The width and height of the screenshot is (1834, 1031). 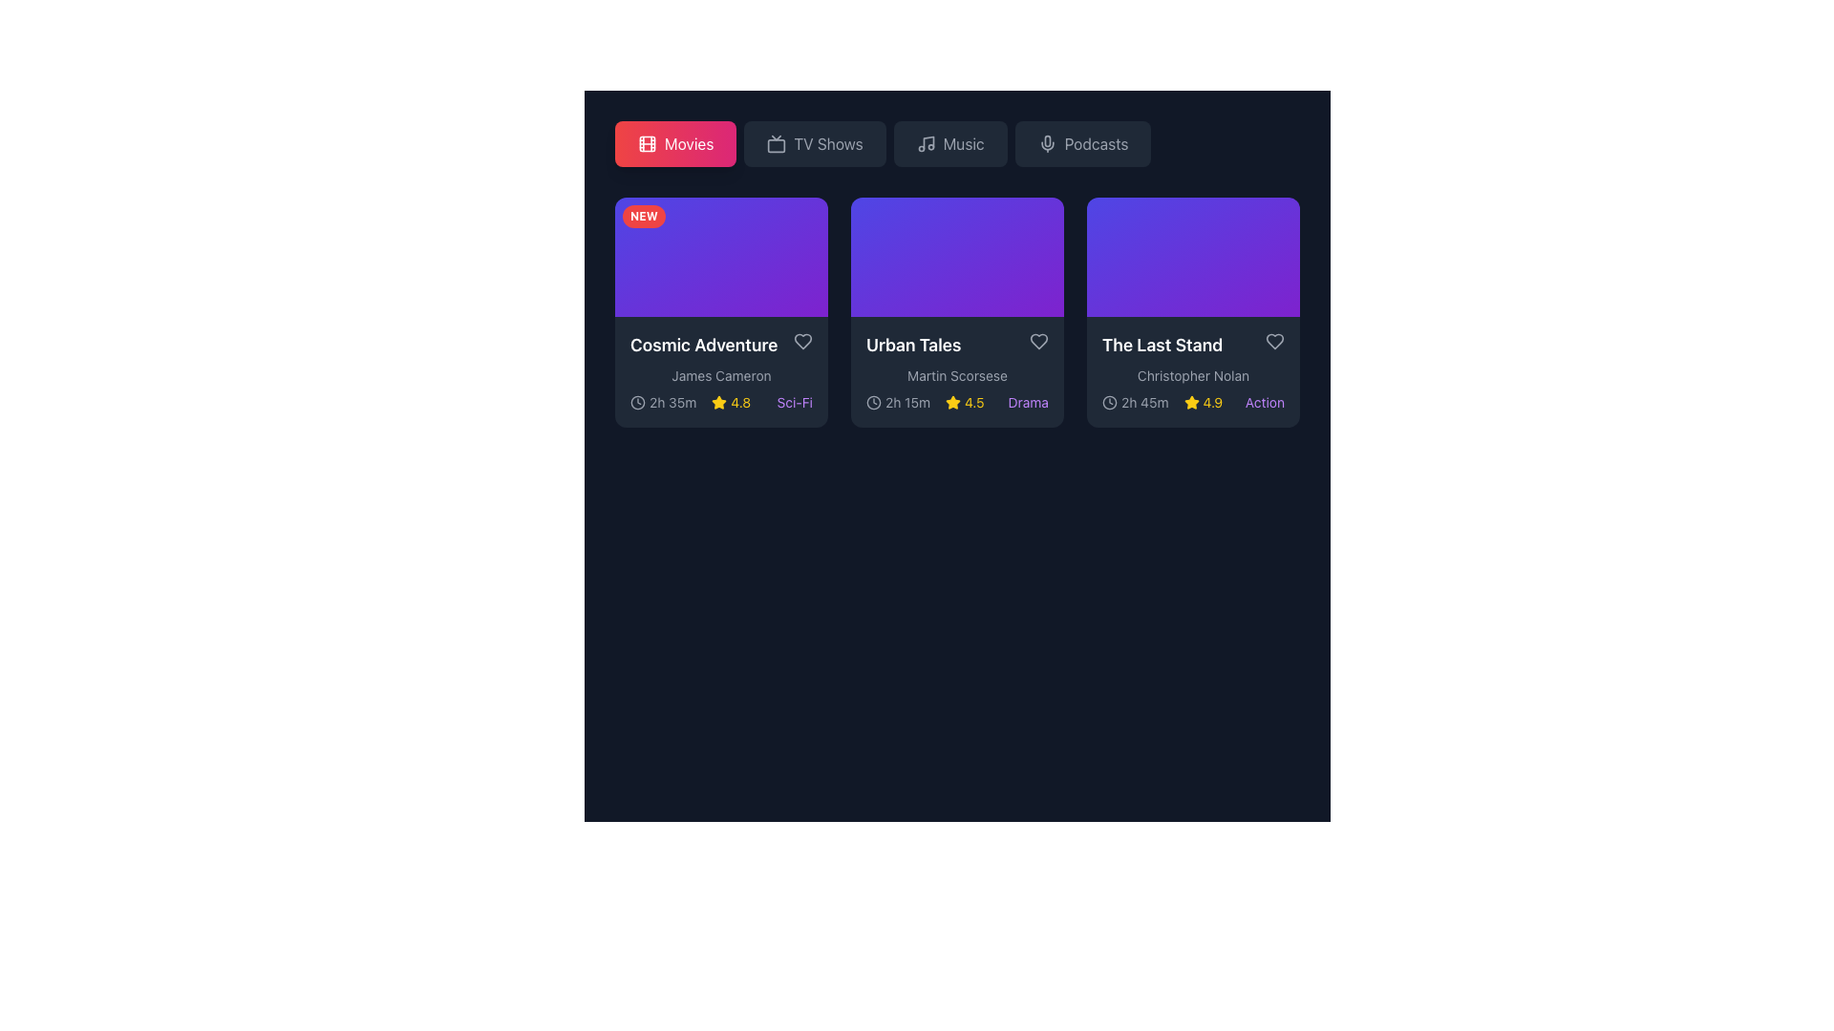 I want to click on the favorite toggle icon located at the top-right corner of the 'Urban Tales' text, so click(x=1038, y=341).